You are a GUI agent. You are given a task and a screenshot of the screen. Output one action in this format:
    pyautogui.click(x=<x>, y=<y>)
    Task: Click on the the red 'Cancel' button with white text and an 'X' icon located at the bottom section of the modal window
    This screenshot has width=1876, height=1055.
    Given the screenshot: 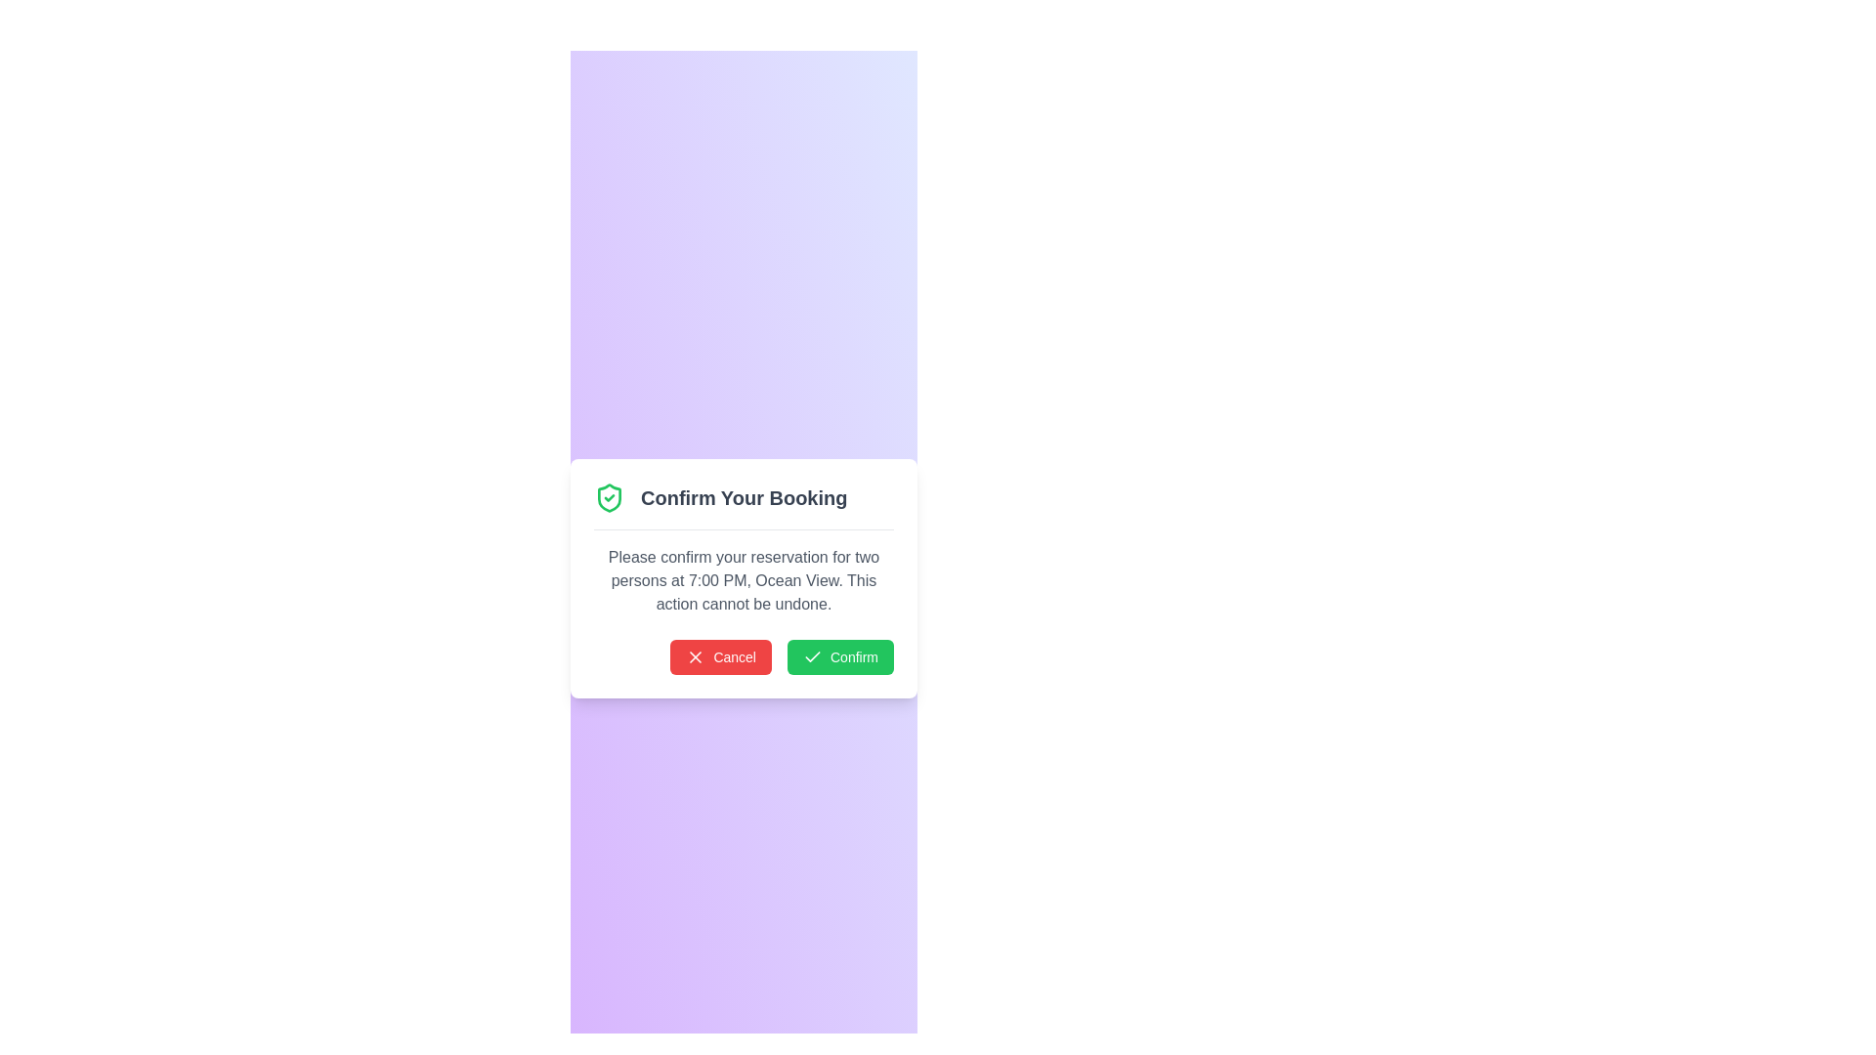 What is the action you would take?
    pyautogui.click(x=720, y=656)
    